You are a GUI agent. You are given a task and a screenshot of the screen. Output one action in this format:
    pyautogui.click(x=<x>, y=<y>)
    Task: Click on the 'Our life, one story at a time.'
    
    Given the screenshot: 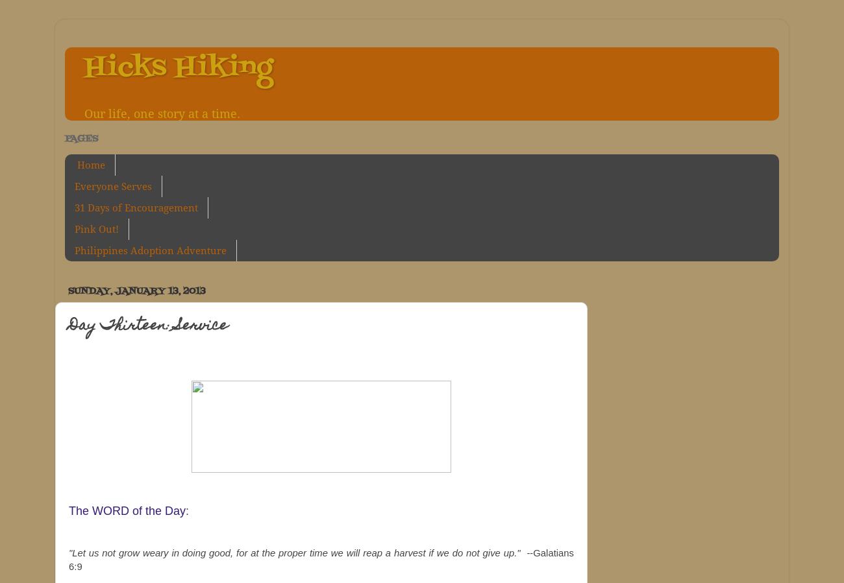 What is the action you would take?
    pyautogui.click(x=161, y=114)
    